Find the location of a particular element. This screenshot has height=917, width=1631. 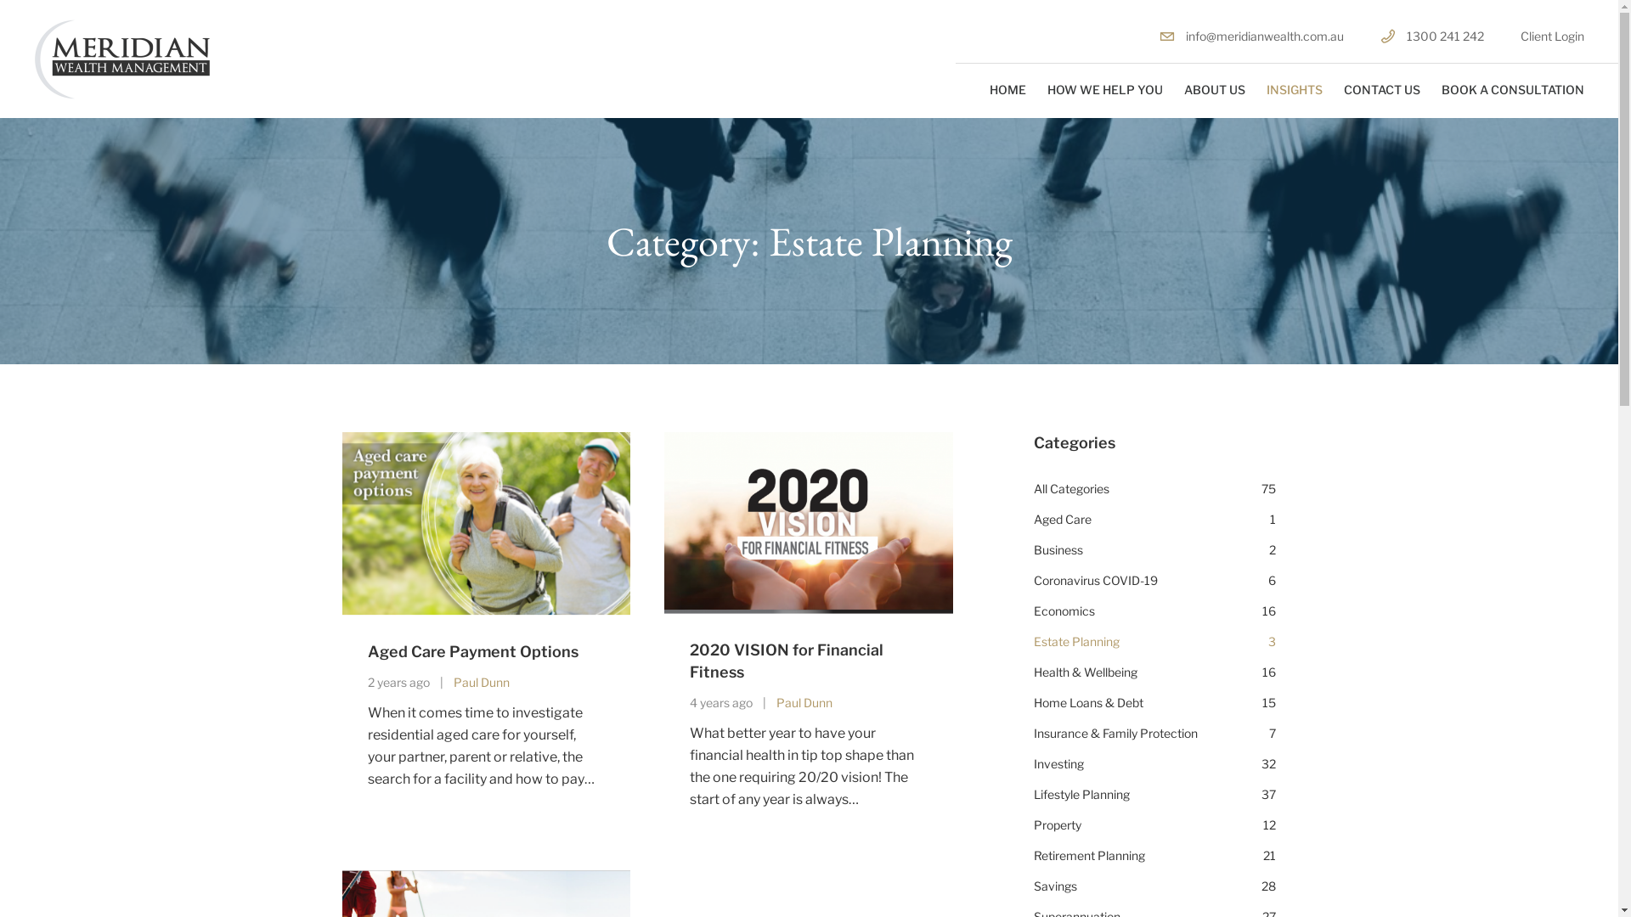

'Estate Planning is located at coordinates (1033, 642).